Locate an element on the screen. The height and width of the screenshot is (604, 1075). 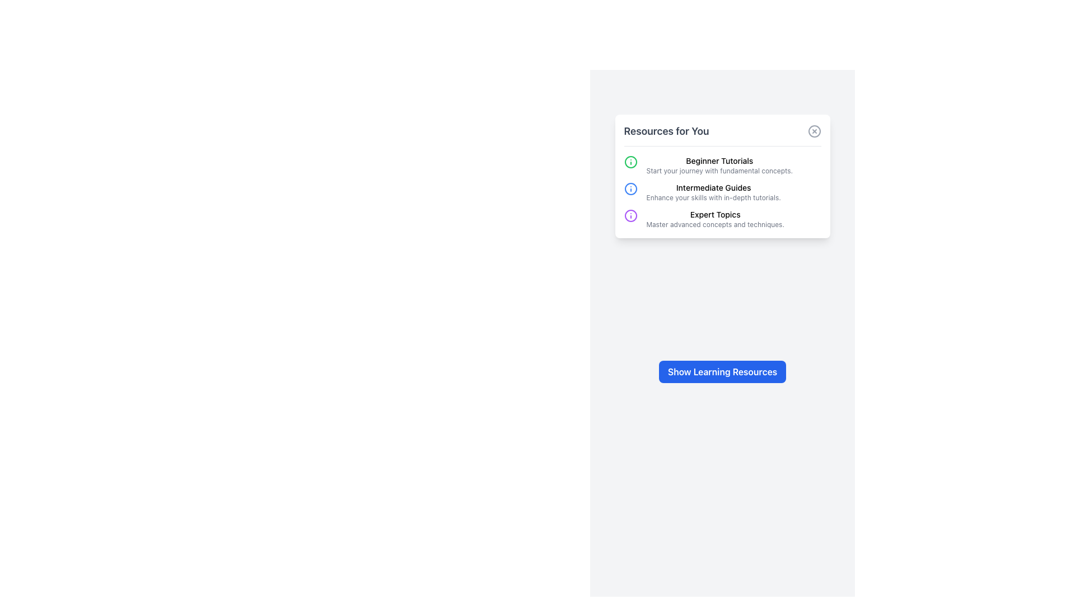
the informational circular icon outlined in purple with a centered 'i', located on the leftmost side of the 'Expert Topics' content block is located at coordinates (630, 215).